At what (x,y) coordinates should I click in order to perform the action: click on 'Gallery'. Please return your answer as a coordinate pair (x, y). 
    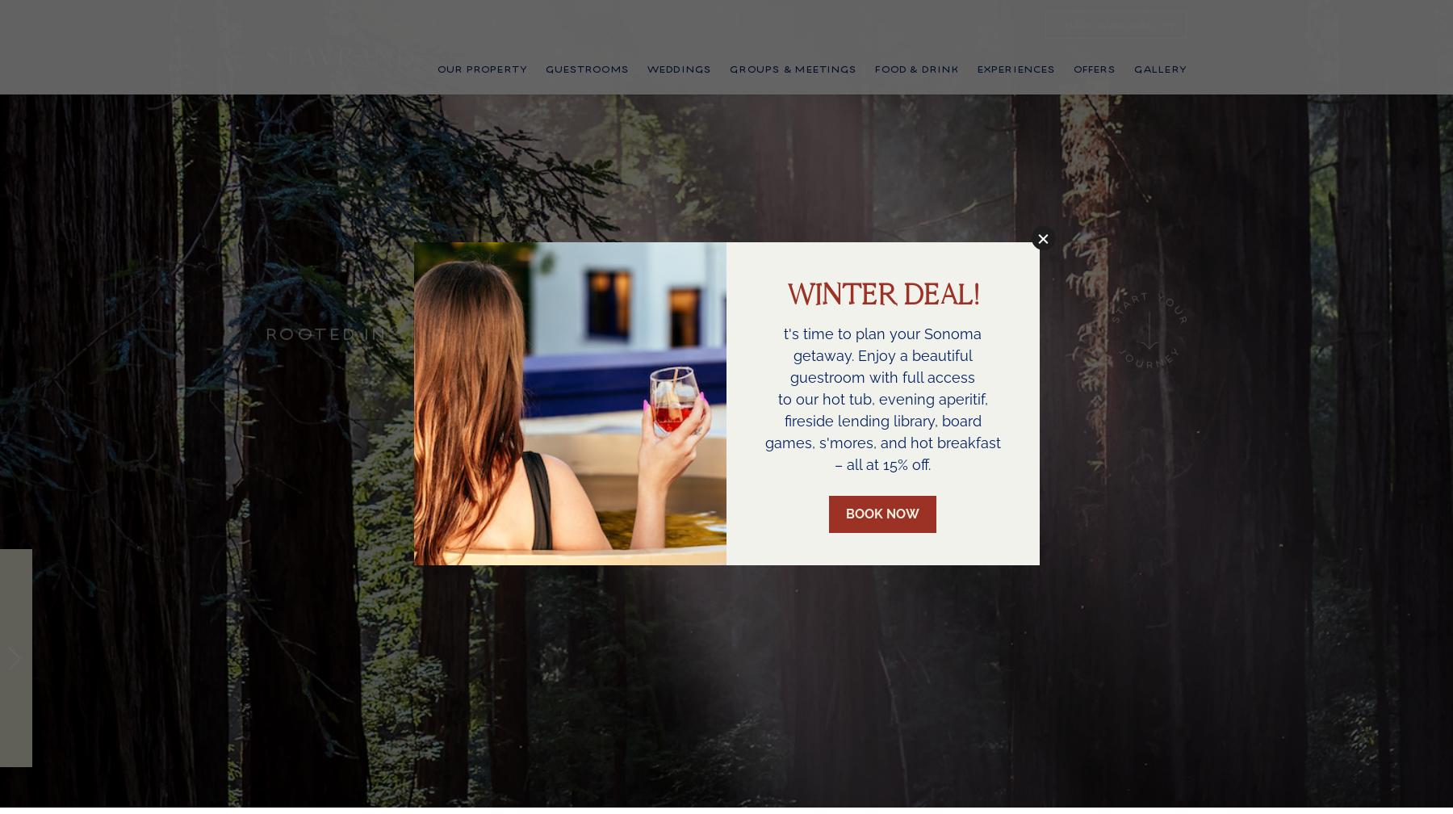
    Looking at the image, I should click on (1133, 90).